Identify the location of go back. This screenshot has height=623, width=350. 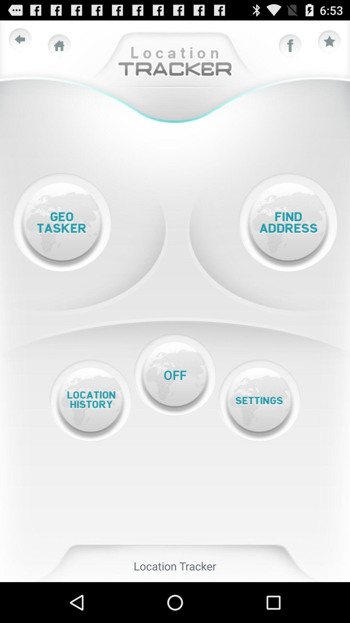
(20, 40).